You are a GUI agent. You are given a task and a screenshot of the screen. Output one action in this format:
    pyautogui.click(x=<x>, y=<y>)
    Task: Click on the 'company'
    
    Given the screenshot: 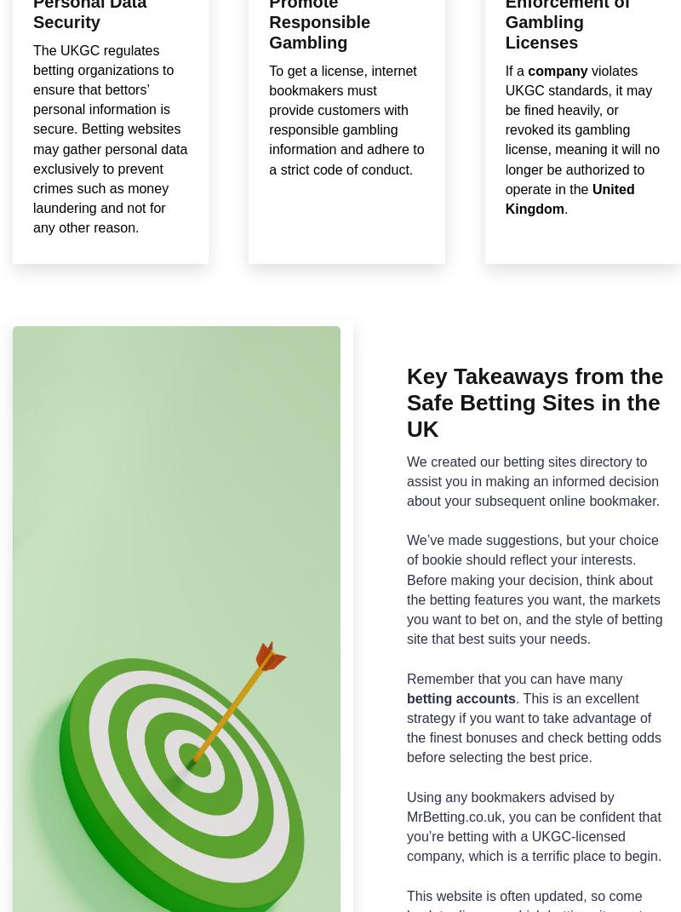 What is the action you would take?
    pyautogui.click(x=557, y=70)
    